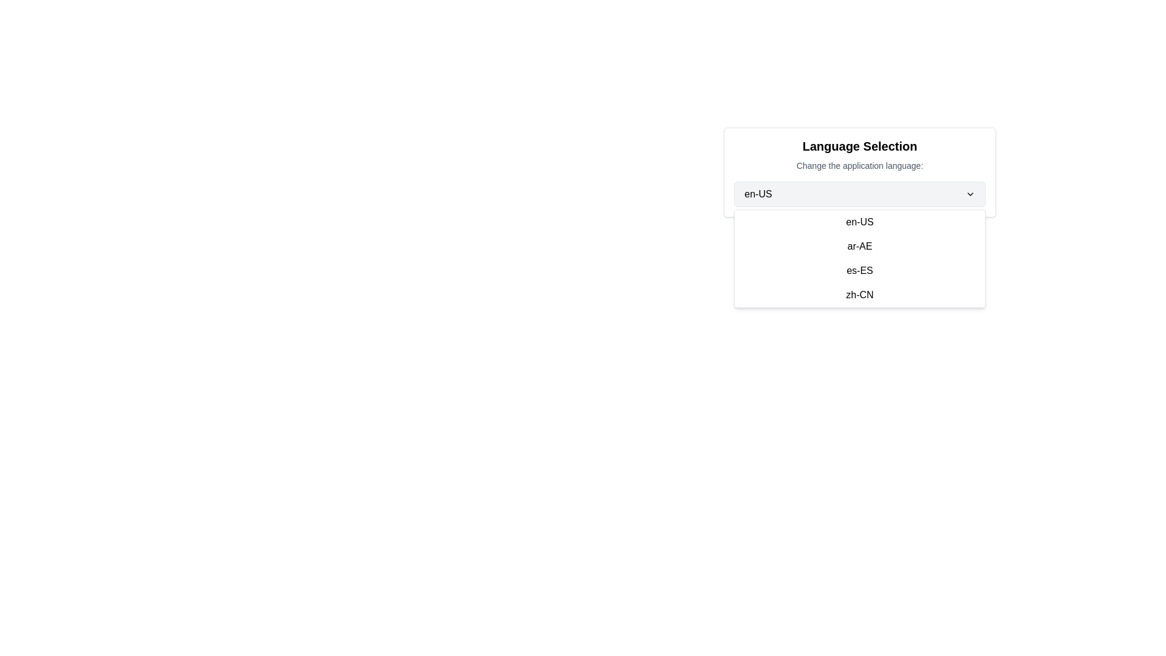 This screenshot has height=656, width=1166. I want to click on the language option 'zh-CN' in the dropdown menu, so click(859, 295).